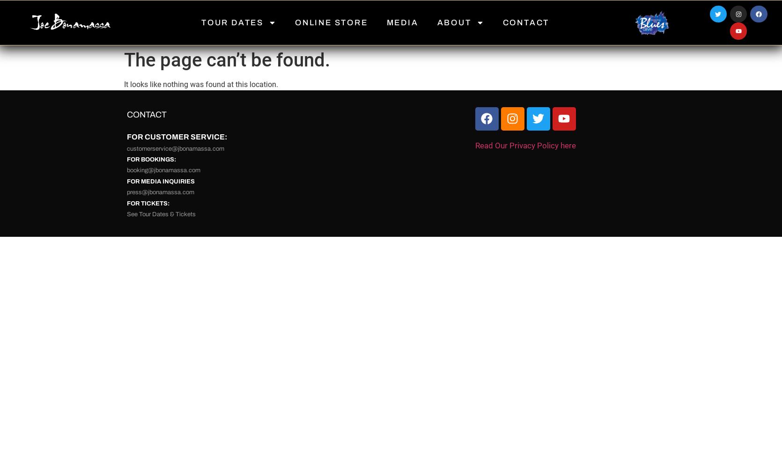 The image size is (782, 468). I want to click on 'ONLINE STORE', so click(331, 22).